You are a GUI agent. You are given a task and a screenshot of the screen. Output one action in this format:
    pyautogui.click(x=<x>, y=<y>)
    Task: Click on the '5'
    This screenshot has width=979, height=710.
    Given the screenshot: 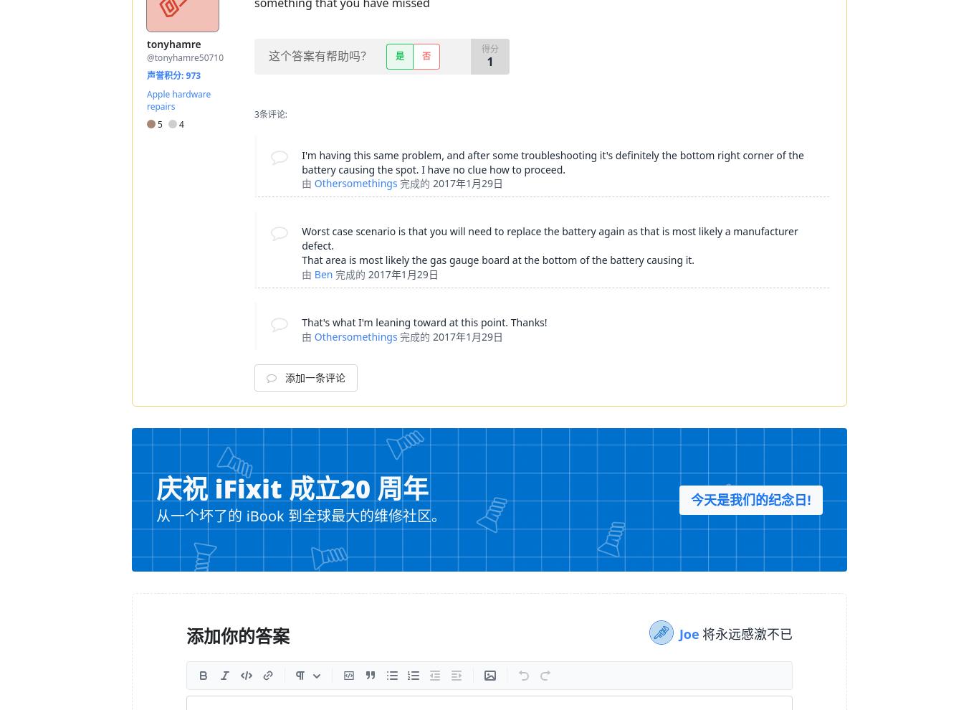 What is the action you would take?
    pyautogui.click(x=155, y=123)
    